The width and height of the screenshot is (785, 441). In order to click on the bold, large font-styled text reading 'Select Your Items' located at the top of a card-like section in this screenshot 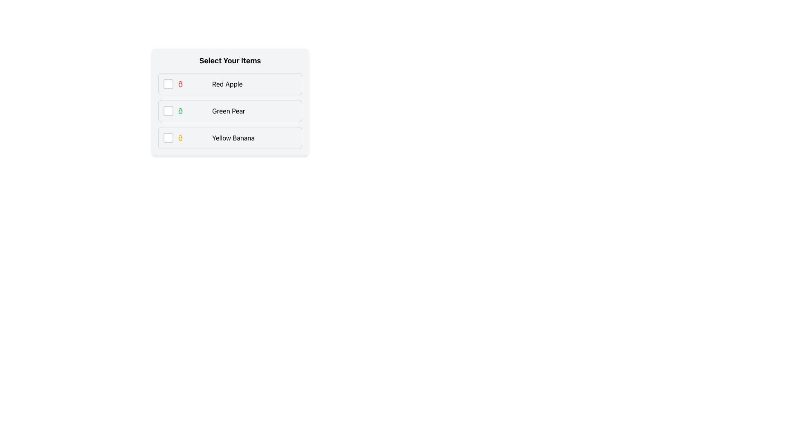, I will do `click(229, 60)`.